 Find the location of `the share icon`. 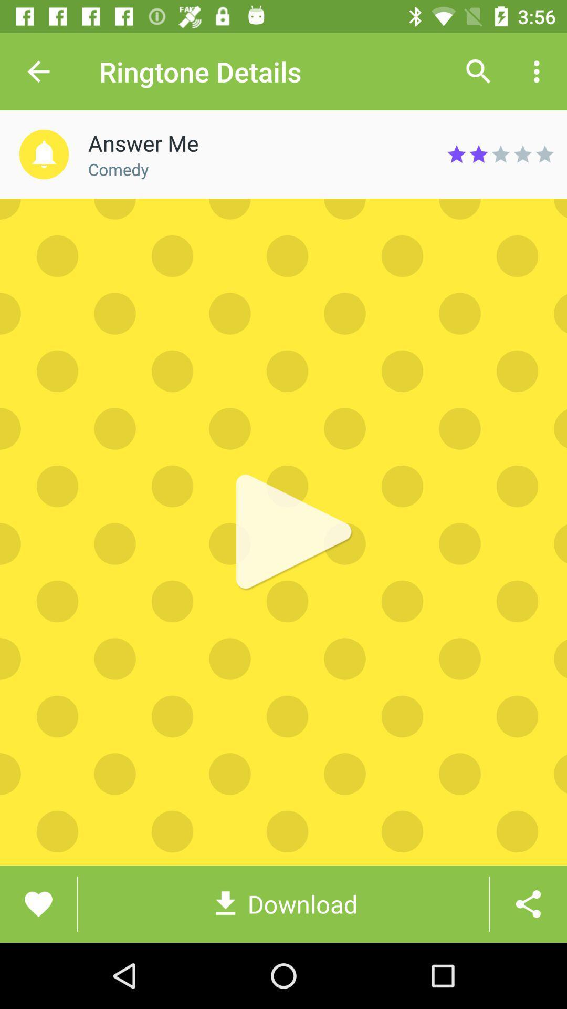

the share icon is located at coordinates (528, 903).